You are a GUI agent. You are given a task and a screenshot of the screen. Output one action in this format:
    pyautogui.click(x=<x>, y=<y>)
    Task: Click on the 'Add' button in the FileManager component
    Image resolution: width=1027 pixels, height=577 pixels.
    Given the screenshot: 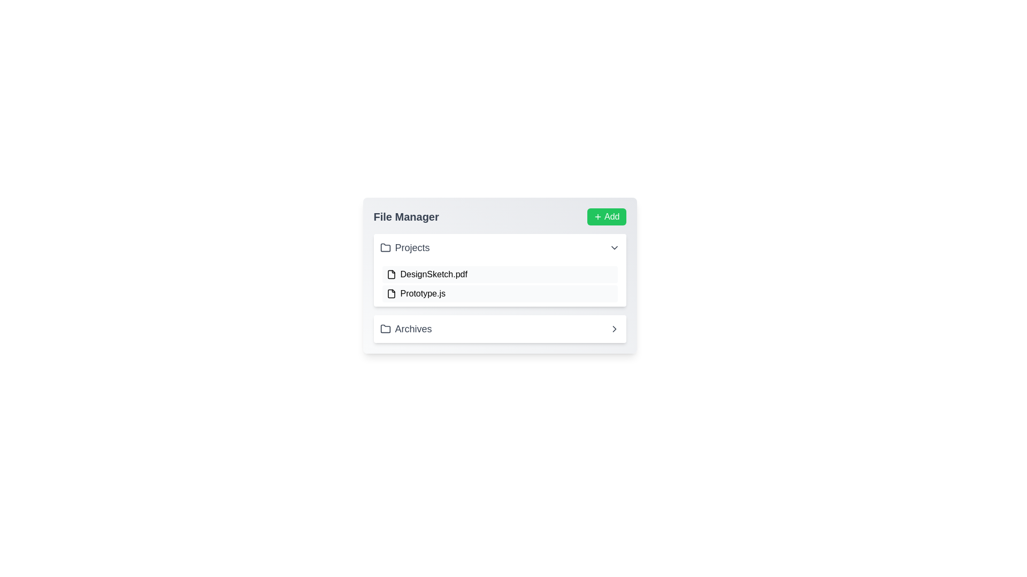 What is the action you would take?
    pyautogui.click(x=607, y=216)
    